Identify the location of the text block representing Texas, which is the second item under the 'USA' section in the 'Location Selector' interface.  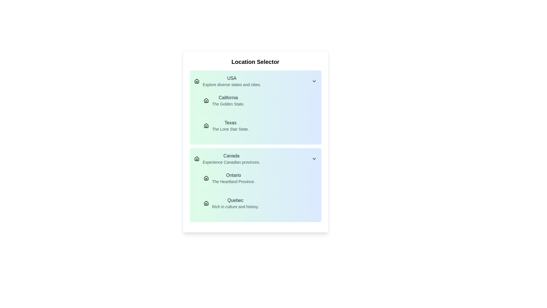
(230, 125).